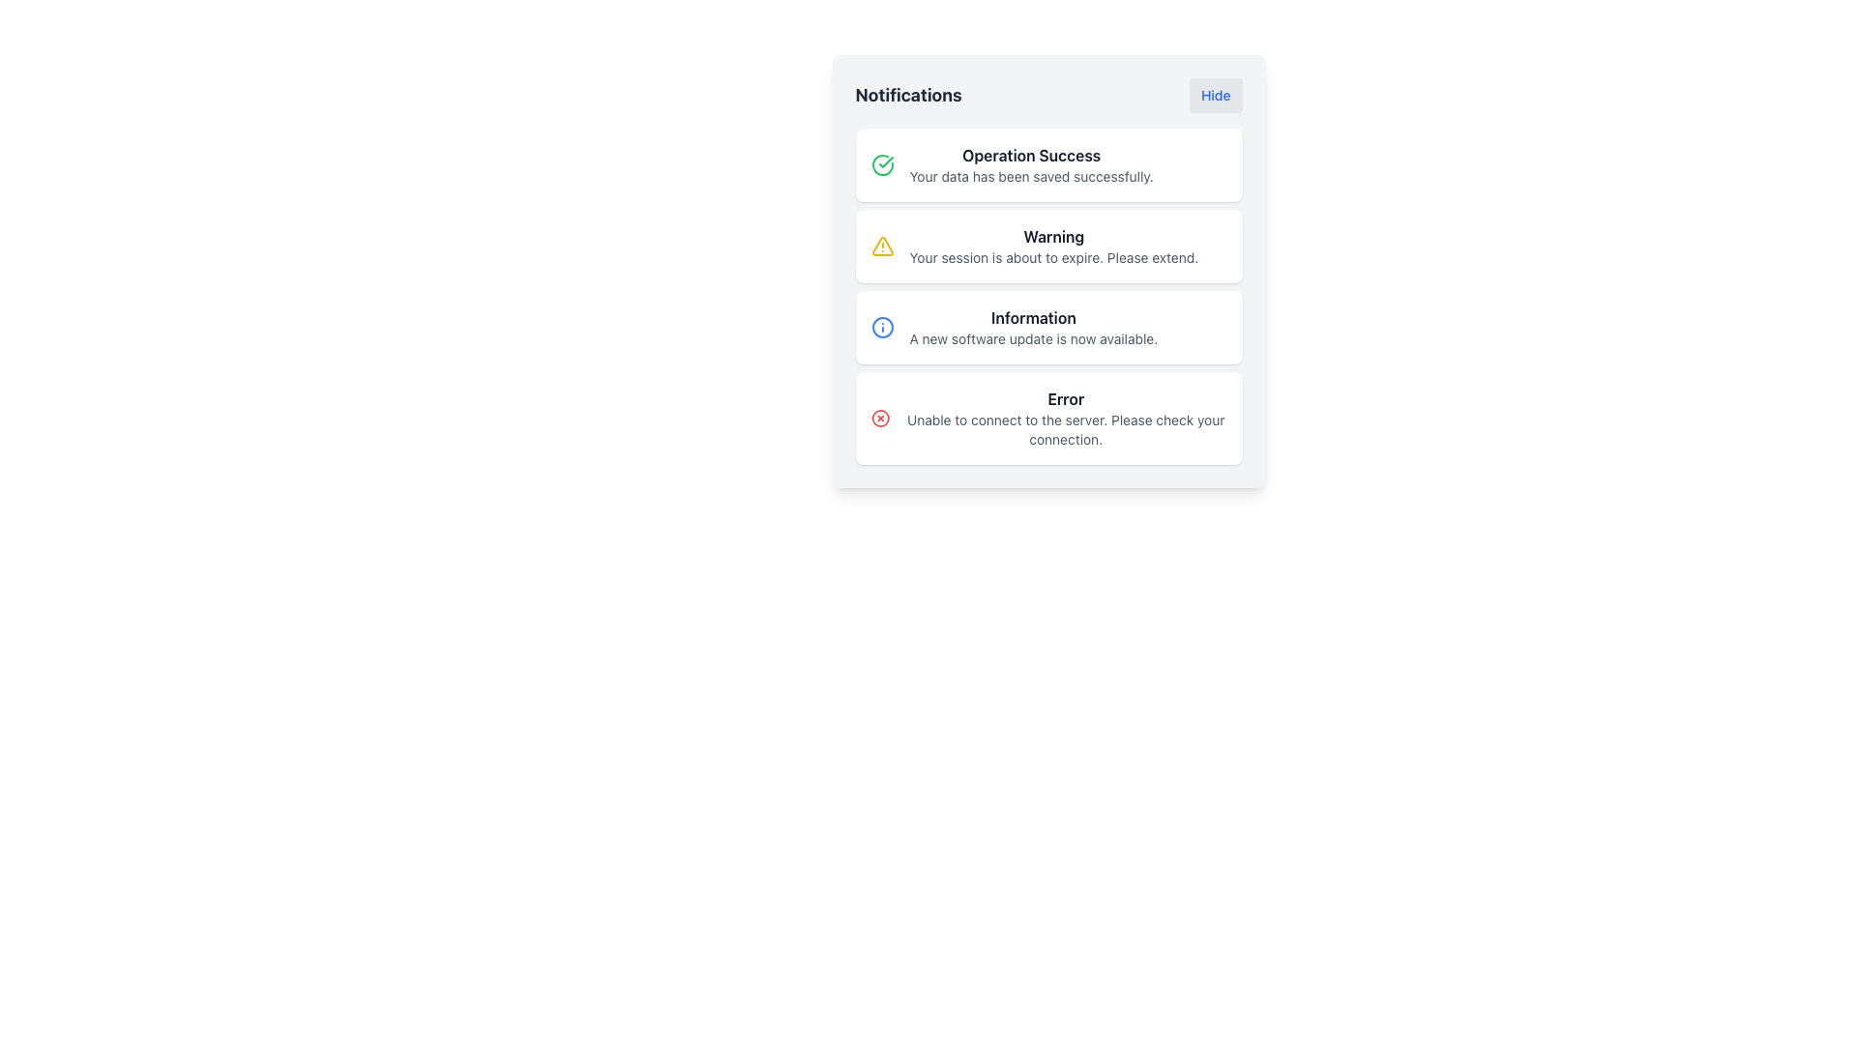 Image resolution: width=1857 pixels, height=1044 pixels. Describe the element at coordinates (1052, 256) in the screenshot. I see `the text element that displays 'Your session is about to expire. Please extend.' located beneath the bold 'Warning' label in the Notifications pane` at that location.